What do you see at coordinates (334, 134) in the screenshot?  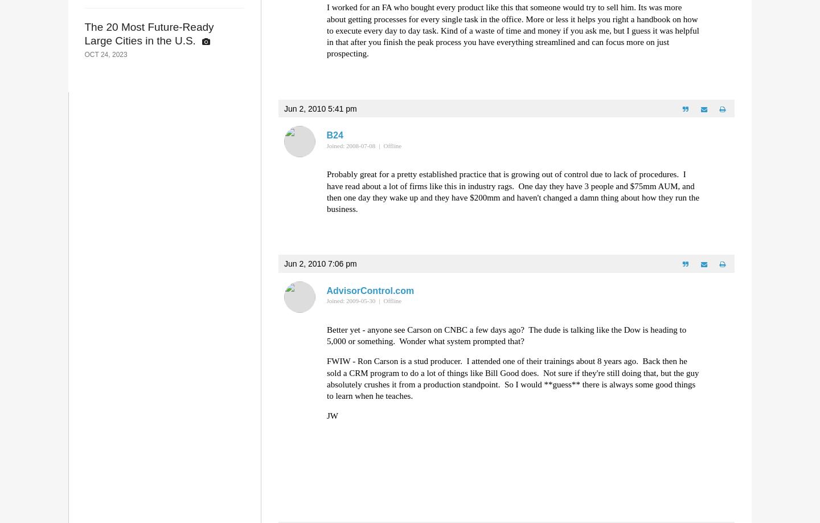 I see `'B24'` at bounding box center [334, 134].